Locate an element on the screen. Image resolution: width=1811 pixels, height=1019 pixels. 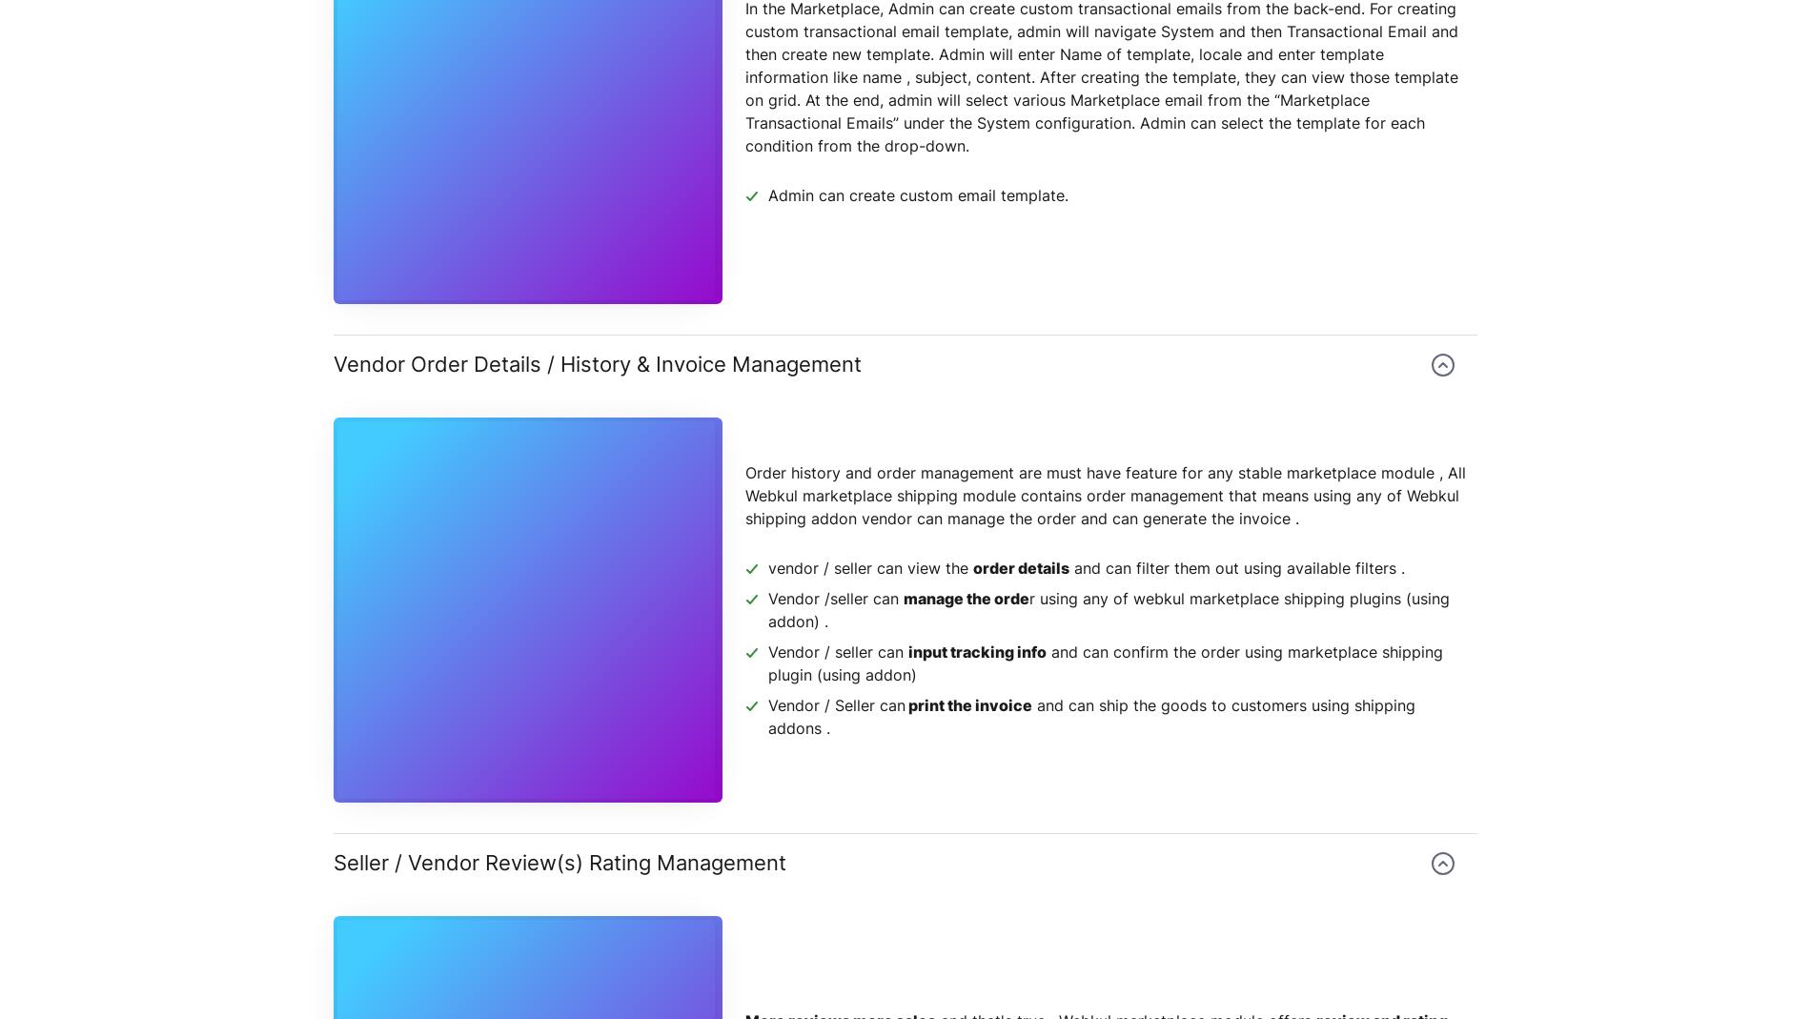
'Vendor Order Details / History & Invoice Management' is located at coordinates (598, 363).